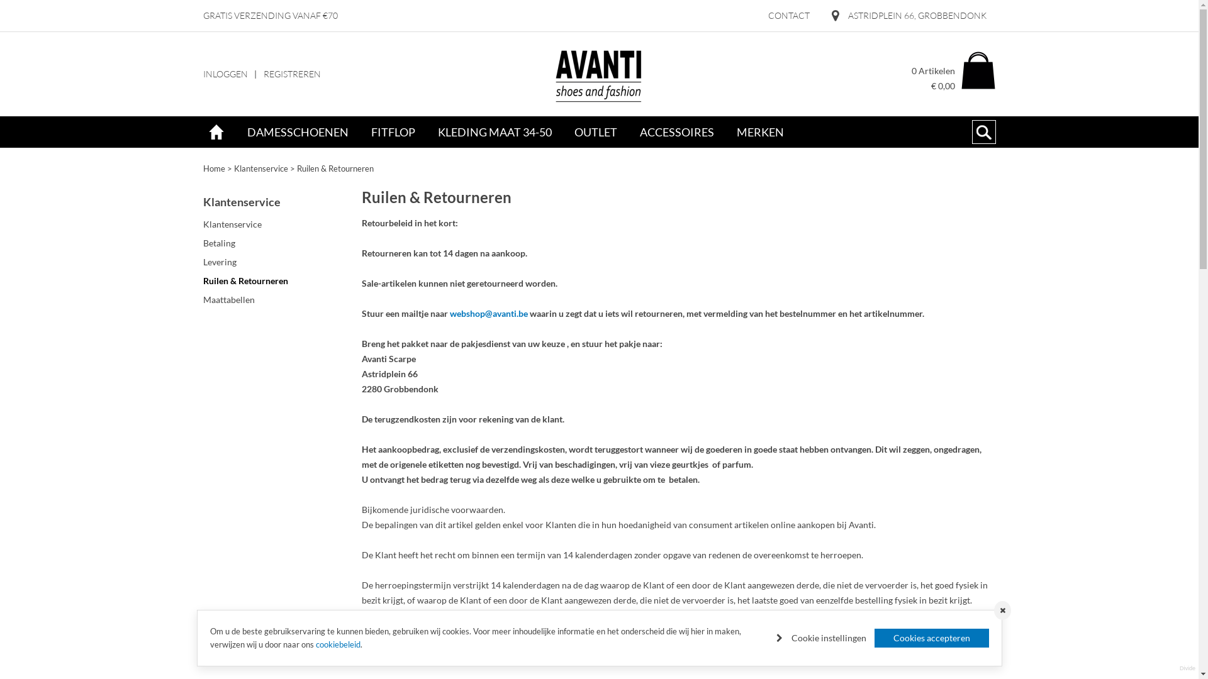  What do you see at coordinates (488, 312) in the screenshot?
I see `'webshop@avanti.be'` at bounding box center [488, 312].